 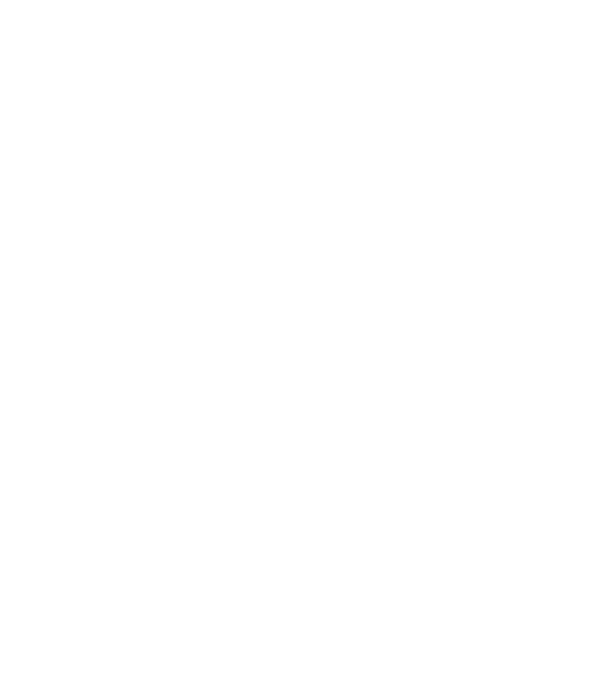 I want to click on 'Landr has introduced an AI Mastering Plug-in for DAWs', so click(x=250, y=598).